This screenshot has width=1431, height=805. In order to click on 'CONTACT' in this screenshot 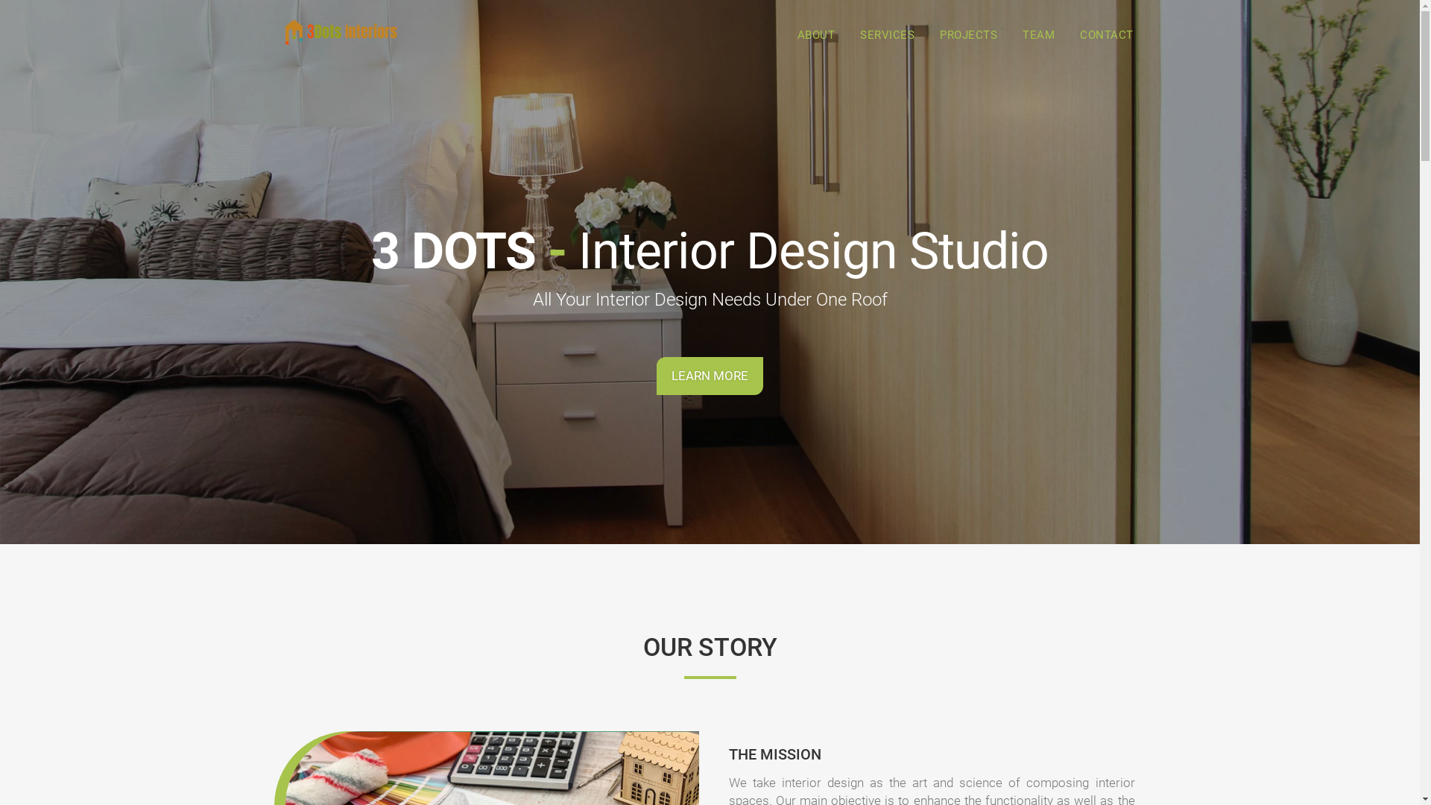, I will do `click(1106, 34)`.